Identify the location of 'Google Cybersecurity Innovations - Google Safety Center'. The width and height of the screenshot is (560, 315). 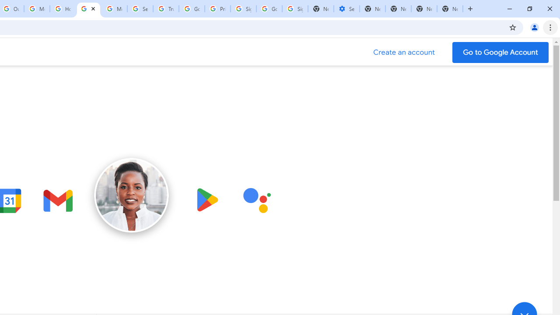
(269, 9).